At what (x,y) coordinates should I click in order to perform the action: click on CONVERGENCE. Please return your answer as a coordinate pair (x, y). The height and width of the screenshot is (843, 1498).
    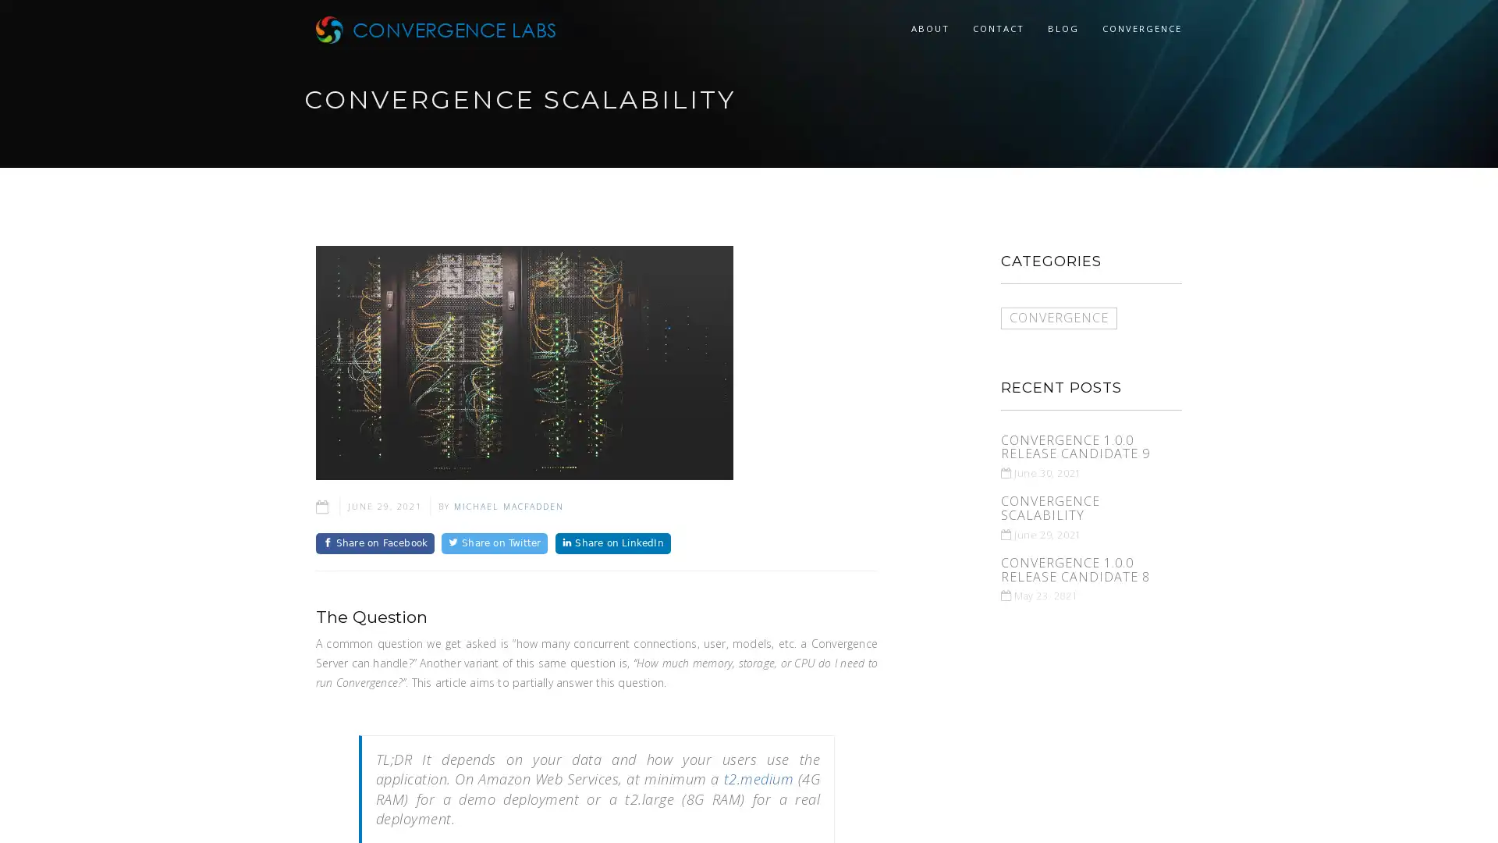
    Looking at the image, I should click on (1142, 29).